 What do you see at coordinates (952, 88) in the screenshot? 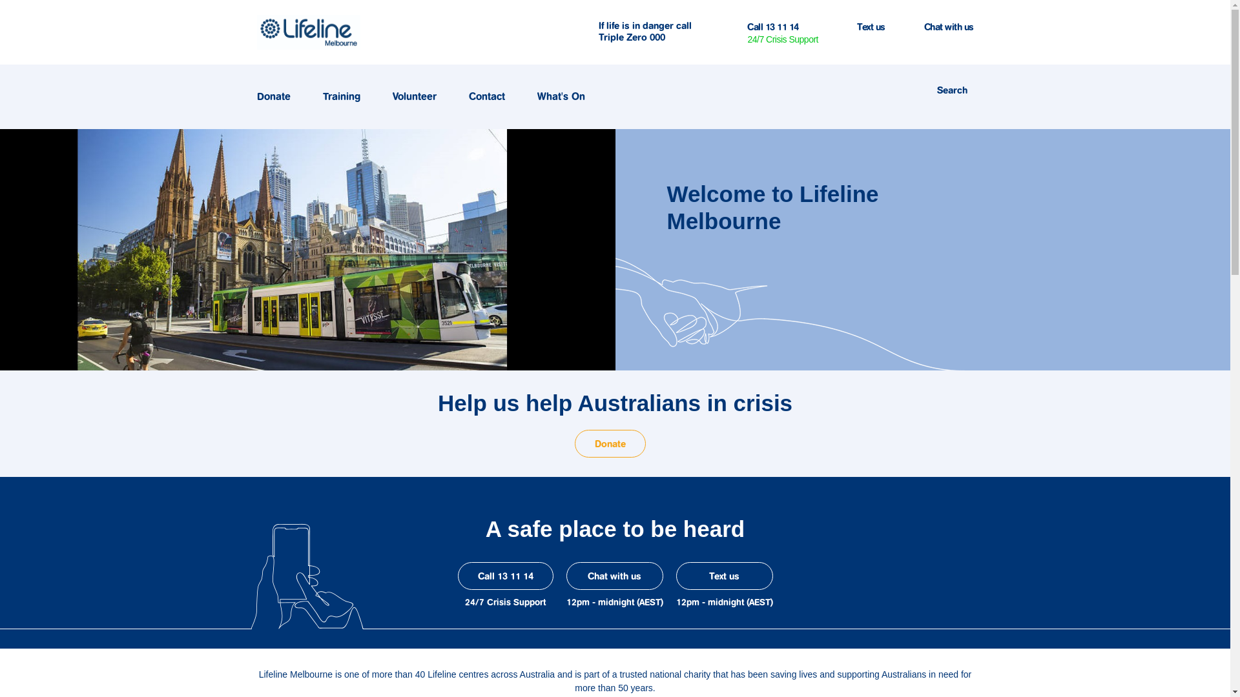
I see `'Search'` at bounding box center [952, 88].